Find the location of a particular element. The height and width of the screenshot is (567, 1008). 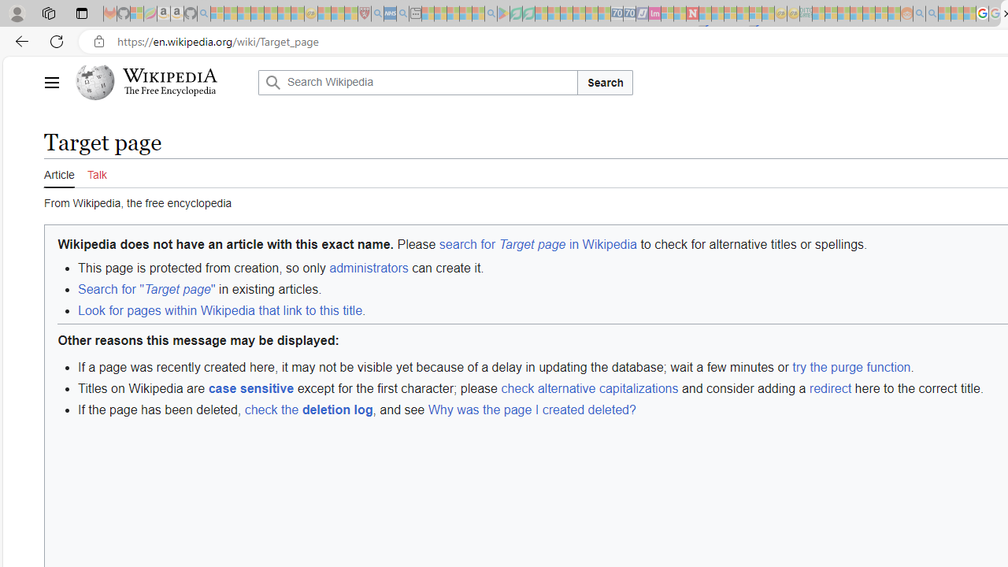

'Wikipedia' is located at coordinates (170, 76).